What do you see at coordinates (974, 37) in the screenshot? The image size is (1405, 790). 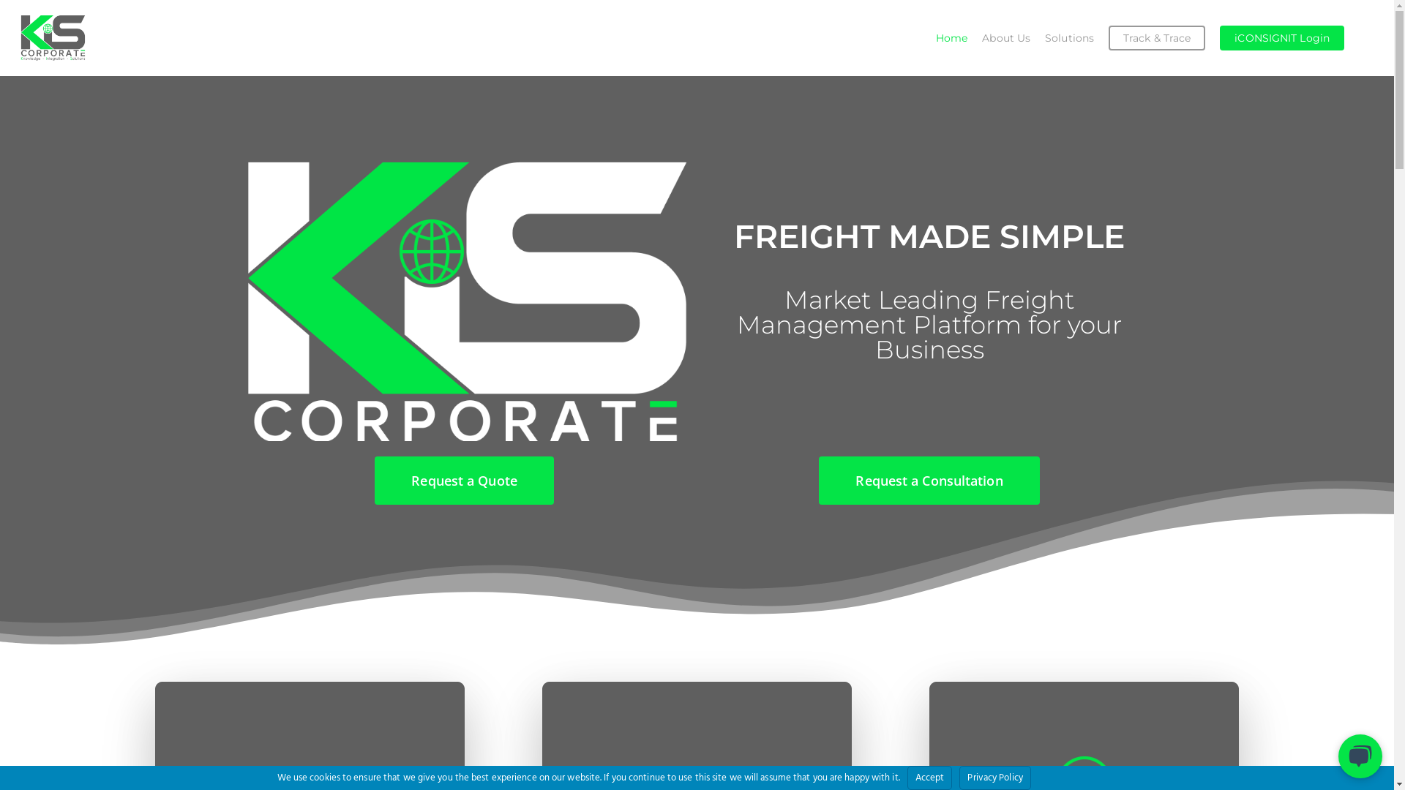 I see `'About Us'` at bounding box center [974, 37].